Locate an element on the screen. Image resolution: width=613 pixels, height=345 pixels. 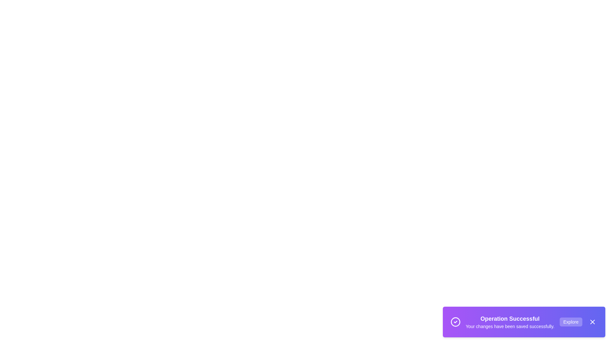
the 'Explore' button to trigger its action is located at coordinates (571, 322).